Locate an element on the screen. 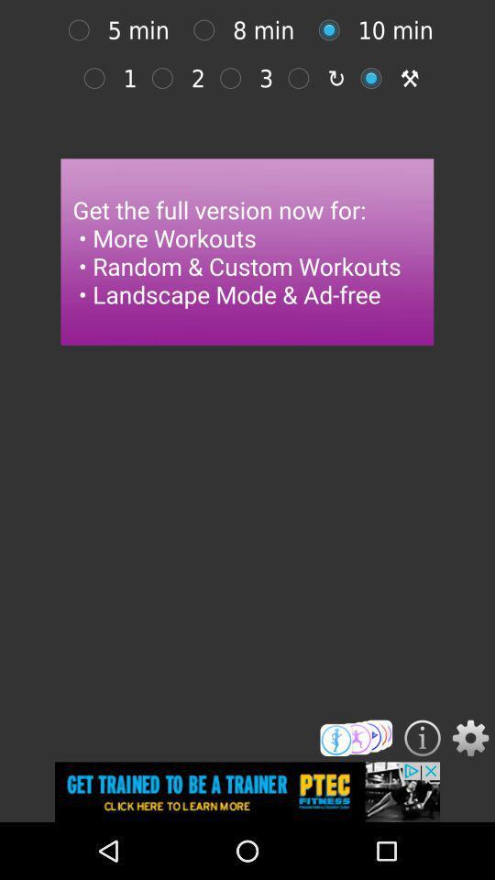 Image resolution: width=495 pixels, height=880 pixels. select is located at coordinates (235, 78).